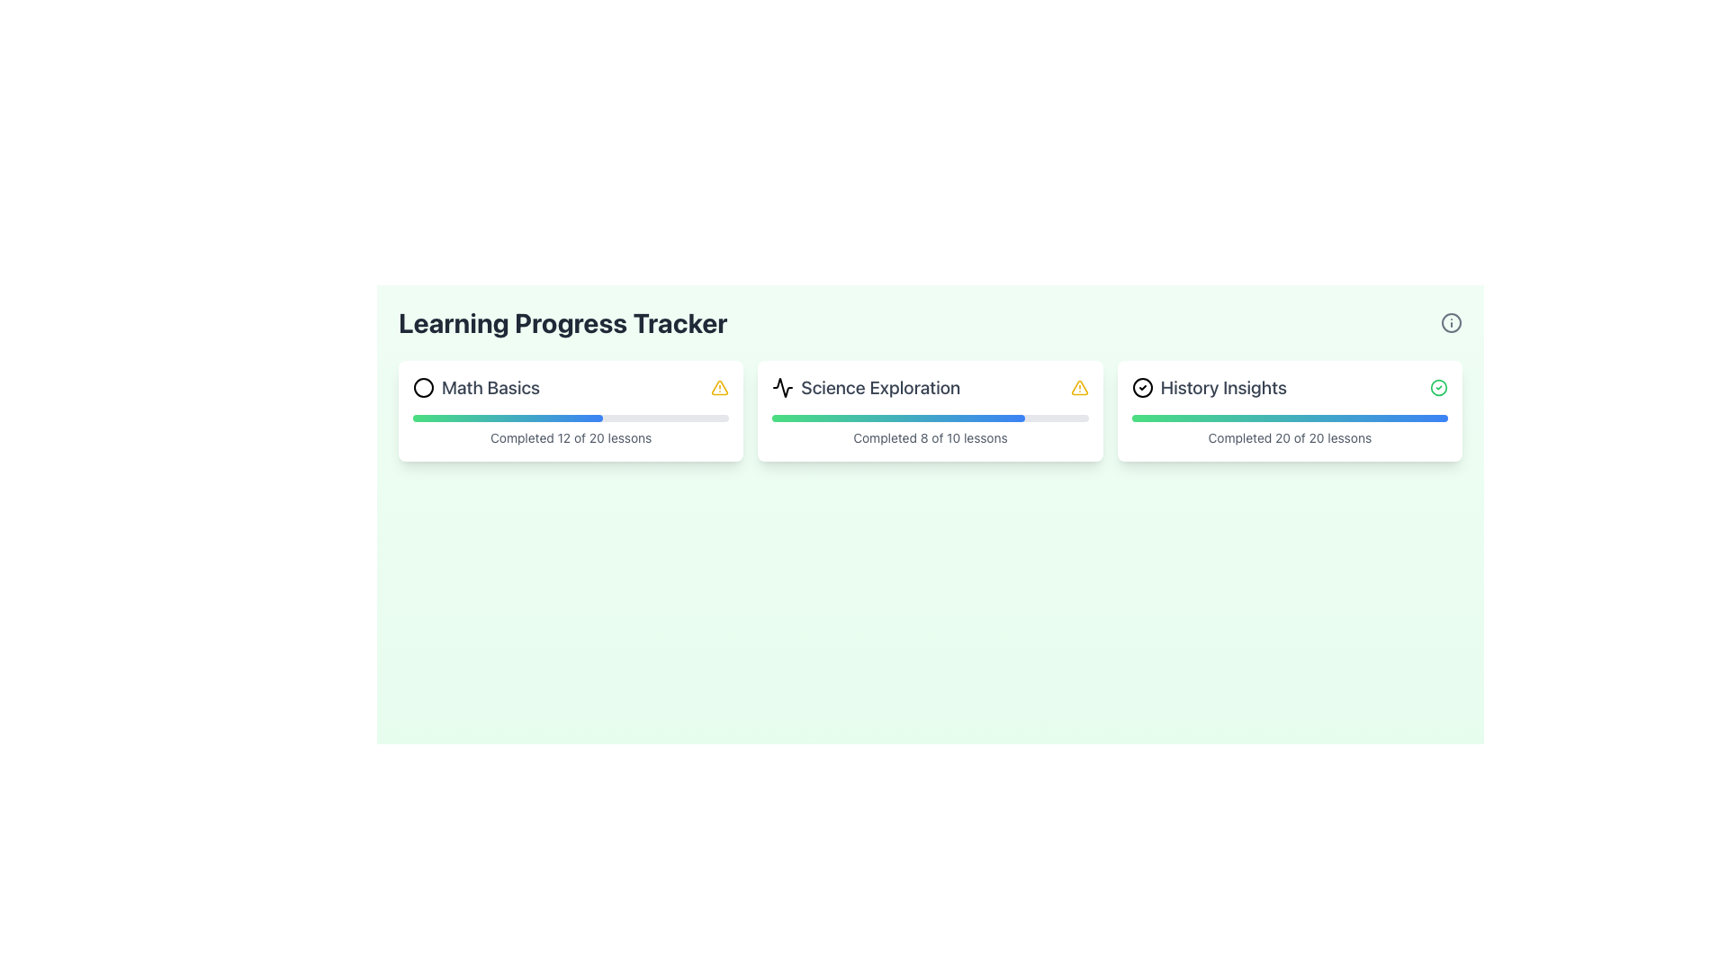 This screenshot has height=972, width=1728. Describe the element at coordinates (570, 437) in the screenshot. I see `the Static Text element that displays the progress of lessons completed in the 'Math Basics' category, located at the bottom of the card and just below the progress bar` at that location.